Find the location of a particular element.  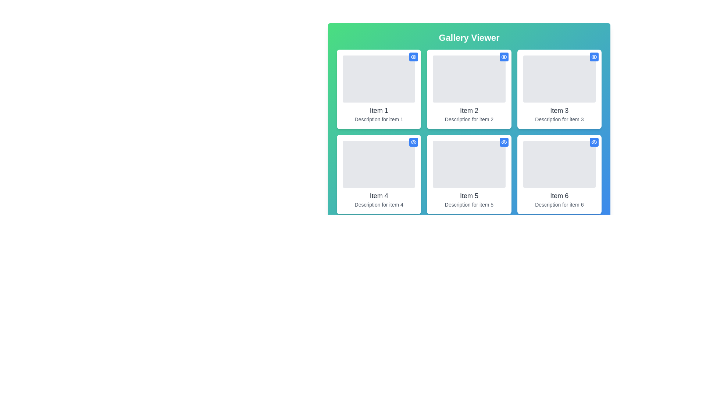

the text label 'Item 6', which is styled in a bold, medium-sized font and located in the sixth grid cell of a 3x2 layout, directly below the image placeholder is located at coordinates (559, 195).